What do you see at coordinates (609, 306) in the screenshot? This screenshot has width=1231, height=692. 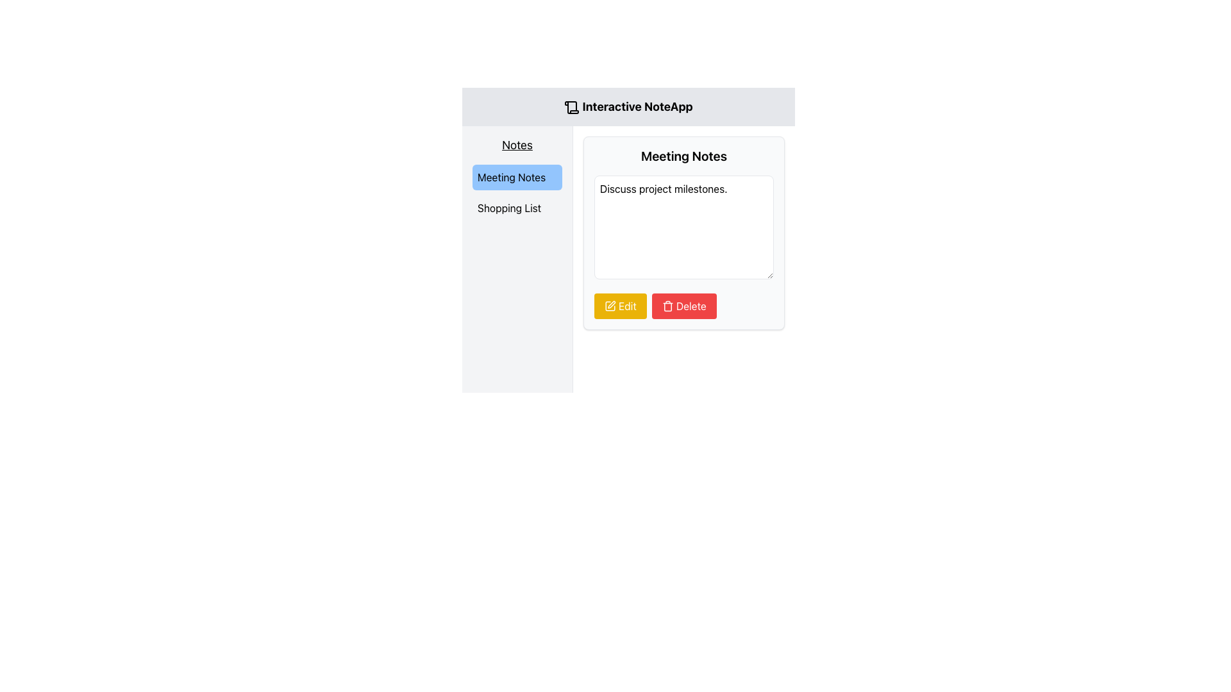 I see `the 'Edit' button icon, which resembles a pen within a square, located beneath the 'Meeting Notes' textbox` at bounding box center [609, 306].